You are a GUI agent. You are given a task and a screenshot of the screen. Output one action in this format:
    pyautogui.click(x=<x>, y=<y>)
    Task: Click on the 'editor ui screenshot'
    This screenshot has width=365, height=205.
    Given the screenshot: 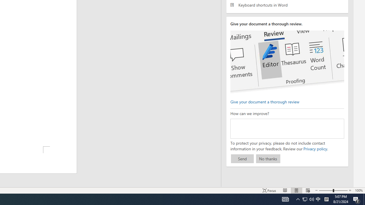 What is the action you would take?
    pyautogui.click(x=287, y=62)
    